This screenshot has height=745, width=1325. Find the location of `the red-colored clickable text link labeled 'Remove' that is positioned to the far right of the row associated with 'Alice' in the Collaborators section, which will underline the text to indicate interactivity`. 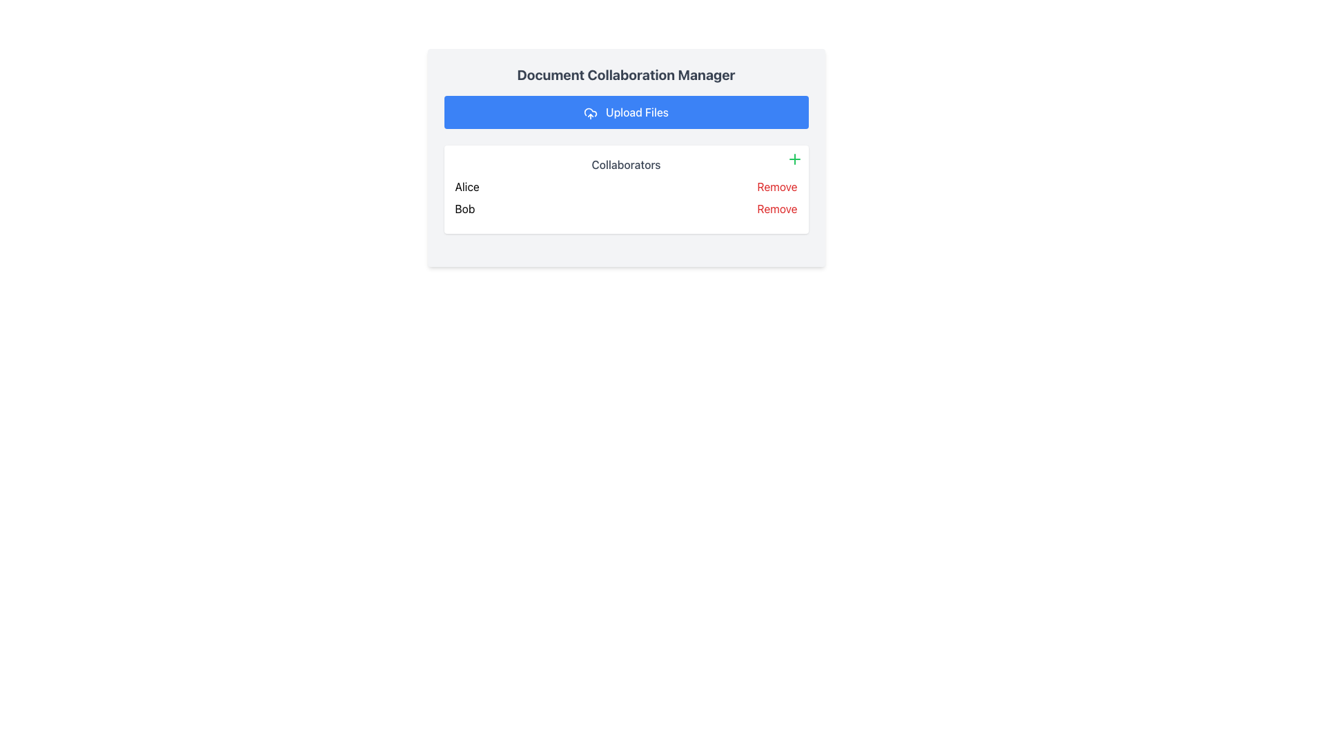

the red-colored clickable text link labeled 'Remove' that is positioned to the far right of the row associated with 'Alice' in the Collaborators section, which will underline the text to indicate interactivity is located at coordinates (777, 186).